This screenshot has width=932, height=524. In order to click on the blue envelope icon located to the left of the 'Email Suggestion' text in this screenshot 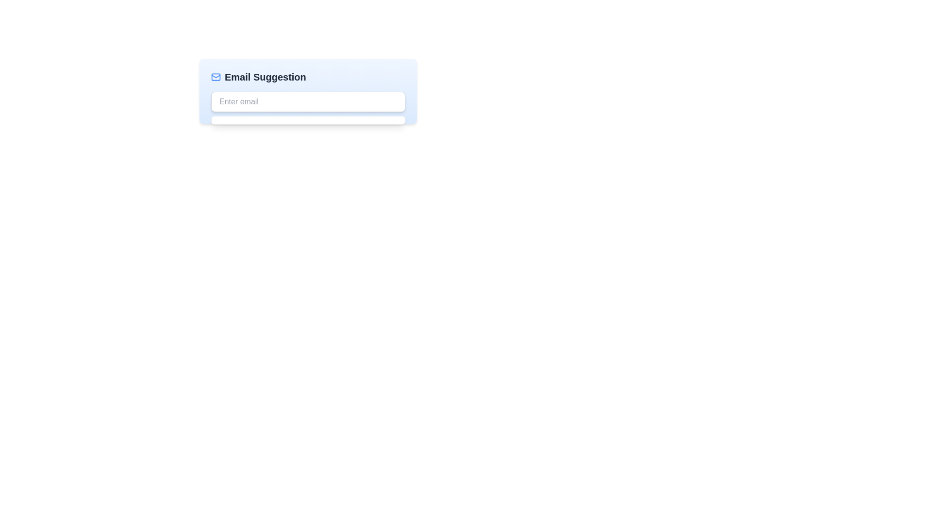, I will do `click(216, 76)`.